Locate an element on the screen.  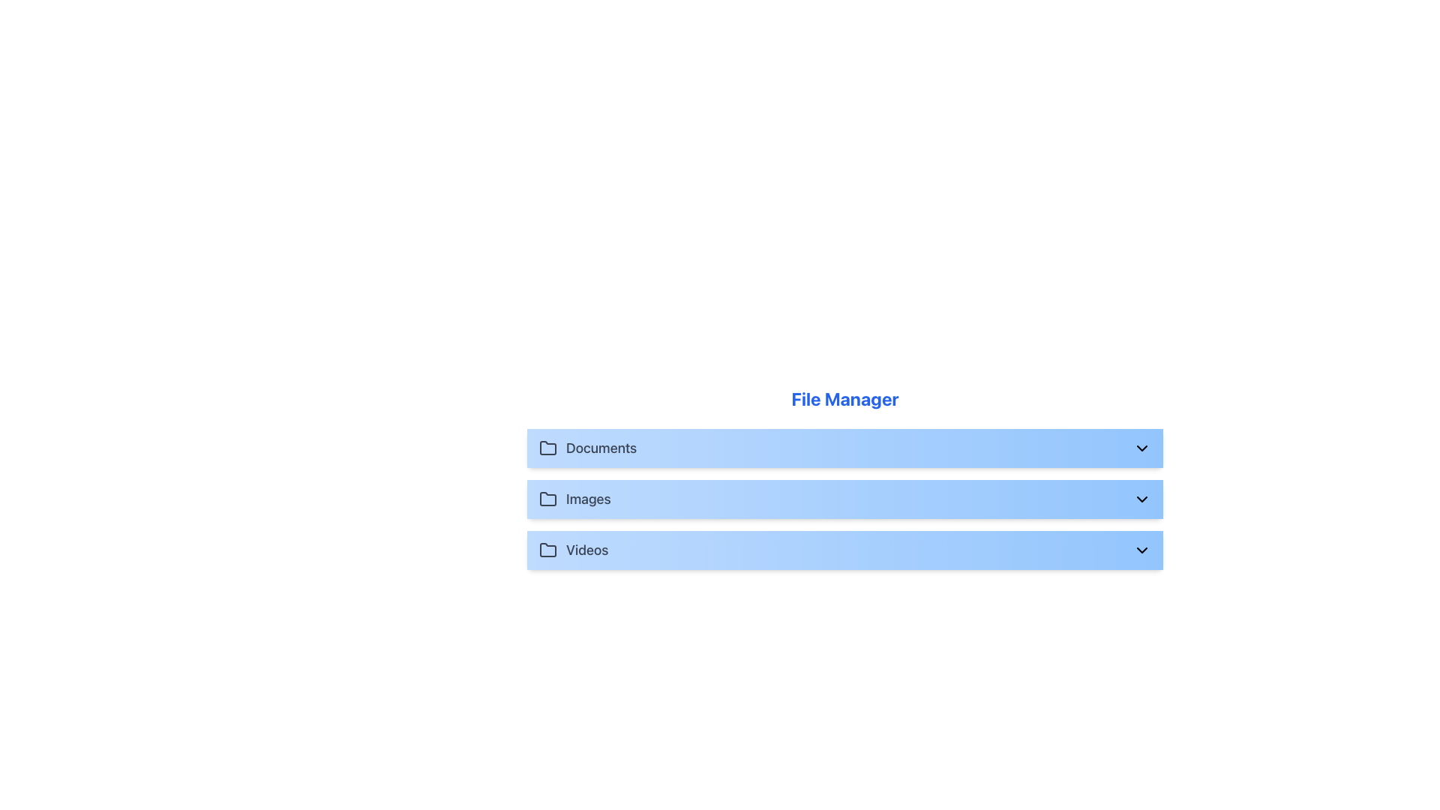
the first folder icon in the vertical list, which is styled with a frame-like design and has the text 'Documents' to its right is located at coordinates (547, 447).